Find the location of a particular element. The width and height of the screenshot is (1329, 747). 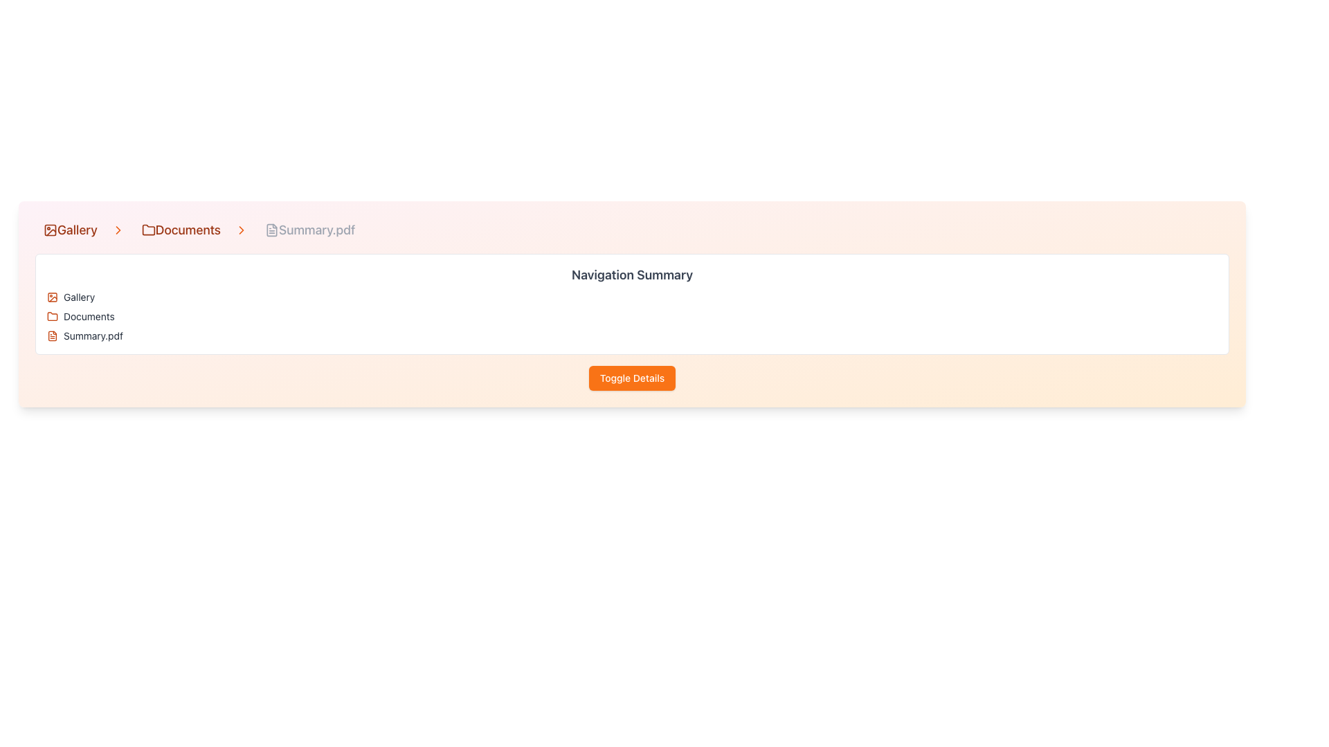

the orange folder icon located to the left of the 'Documents' label in the breadcrumb navigation bar is located at coordinates (53, 317).